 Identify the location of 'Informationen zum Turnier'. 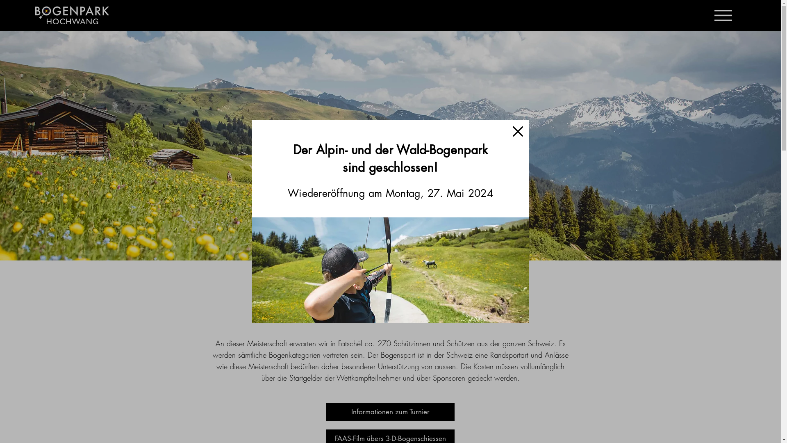
(390, 412).